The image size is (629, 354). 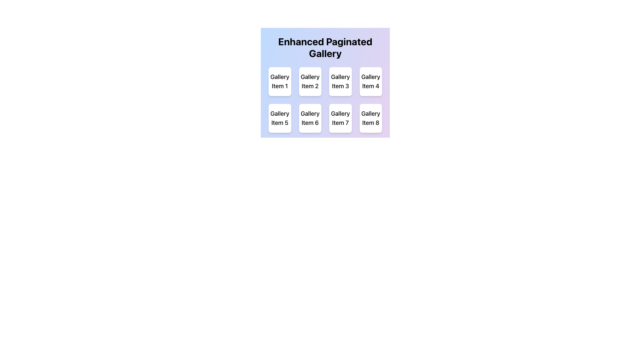 What do you see at coordinates (371, 81) in the screenshot?
I see `the fourth card in the gallery displaying 'Gallery Item 4', which is styled as a white rounded rectangle with a shadow effect` at bounding box center [371, 81].